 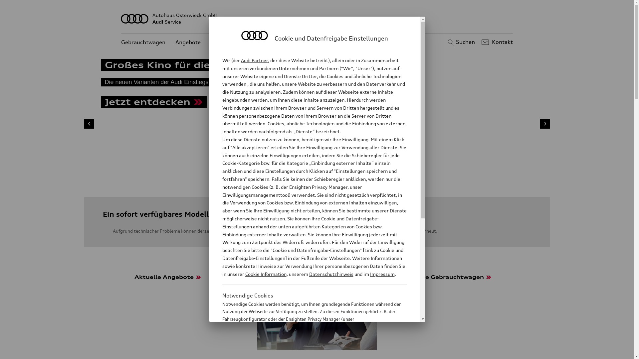 What do you see at coordinates (143, 42) in the screenshot?
I see `'Gebrauchtwagen'` at bounding box center [143, 42].